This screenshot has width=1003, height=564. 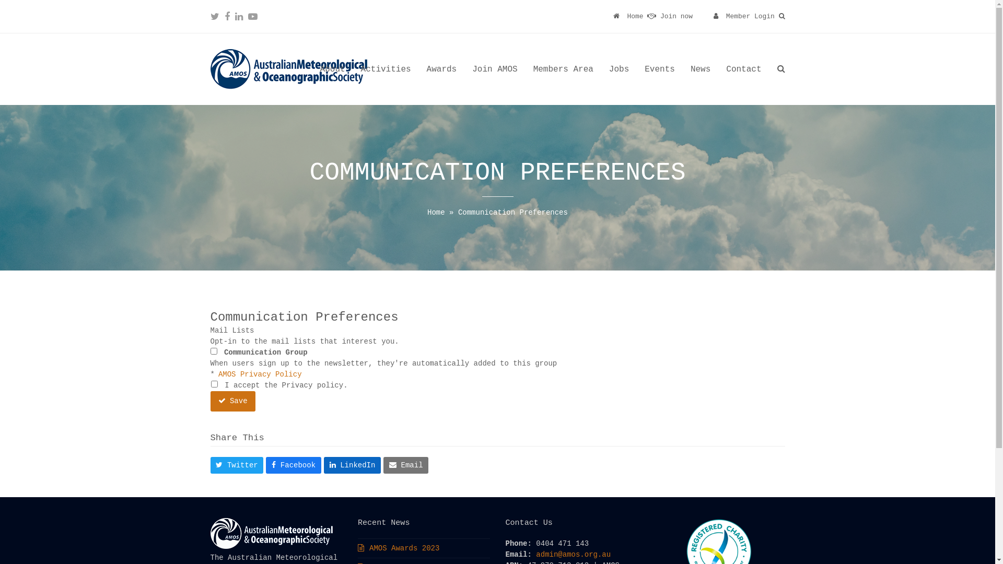 I want to click on 'Youtube', so click(x=252, y=16).